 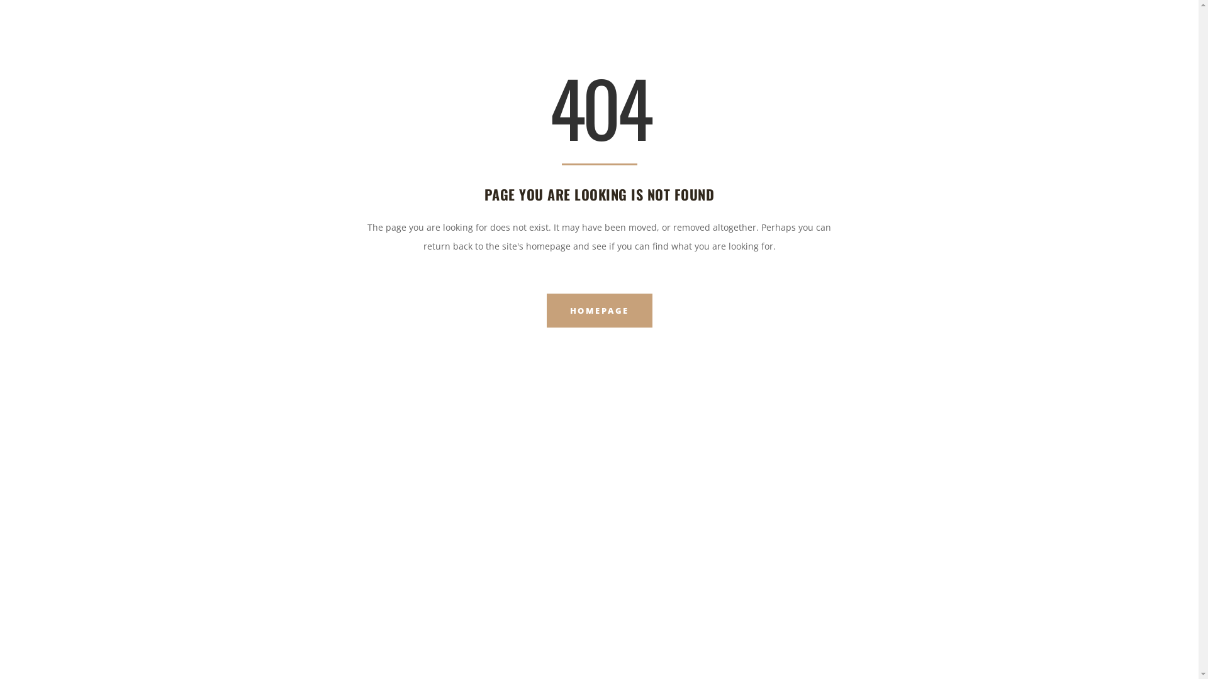 I want to click on ' ', so click(x=1170, y=21).